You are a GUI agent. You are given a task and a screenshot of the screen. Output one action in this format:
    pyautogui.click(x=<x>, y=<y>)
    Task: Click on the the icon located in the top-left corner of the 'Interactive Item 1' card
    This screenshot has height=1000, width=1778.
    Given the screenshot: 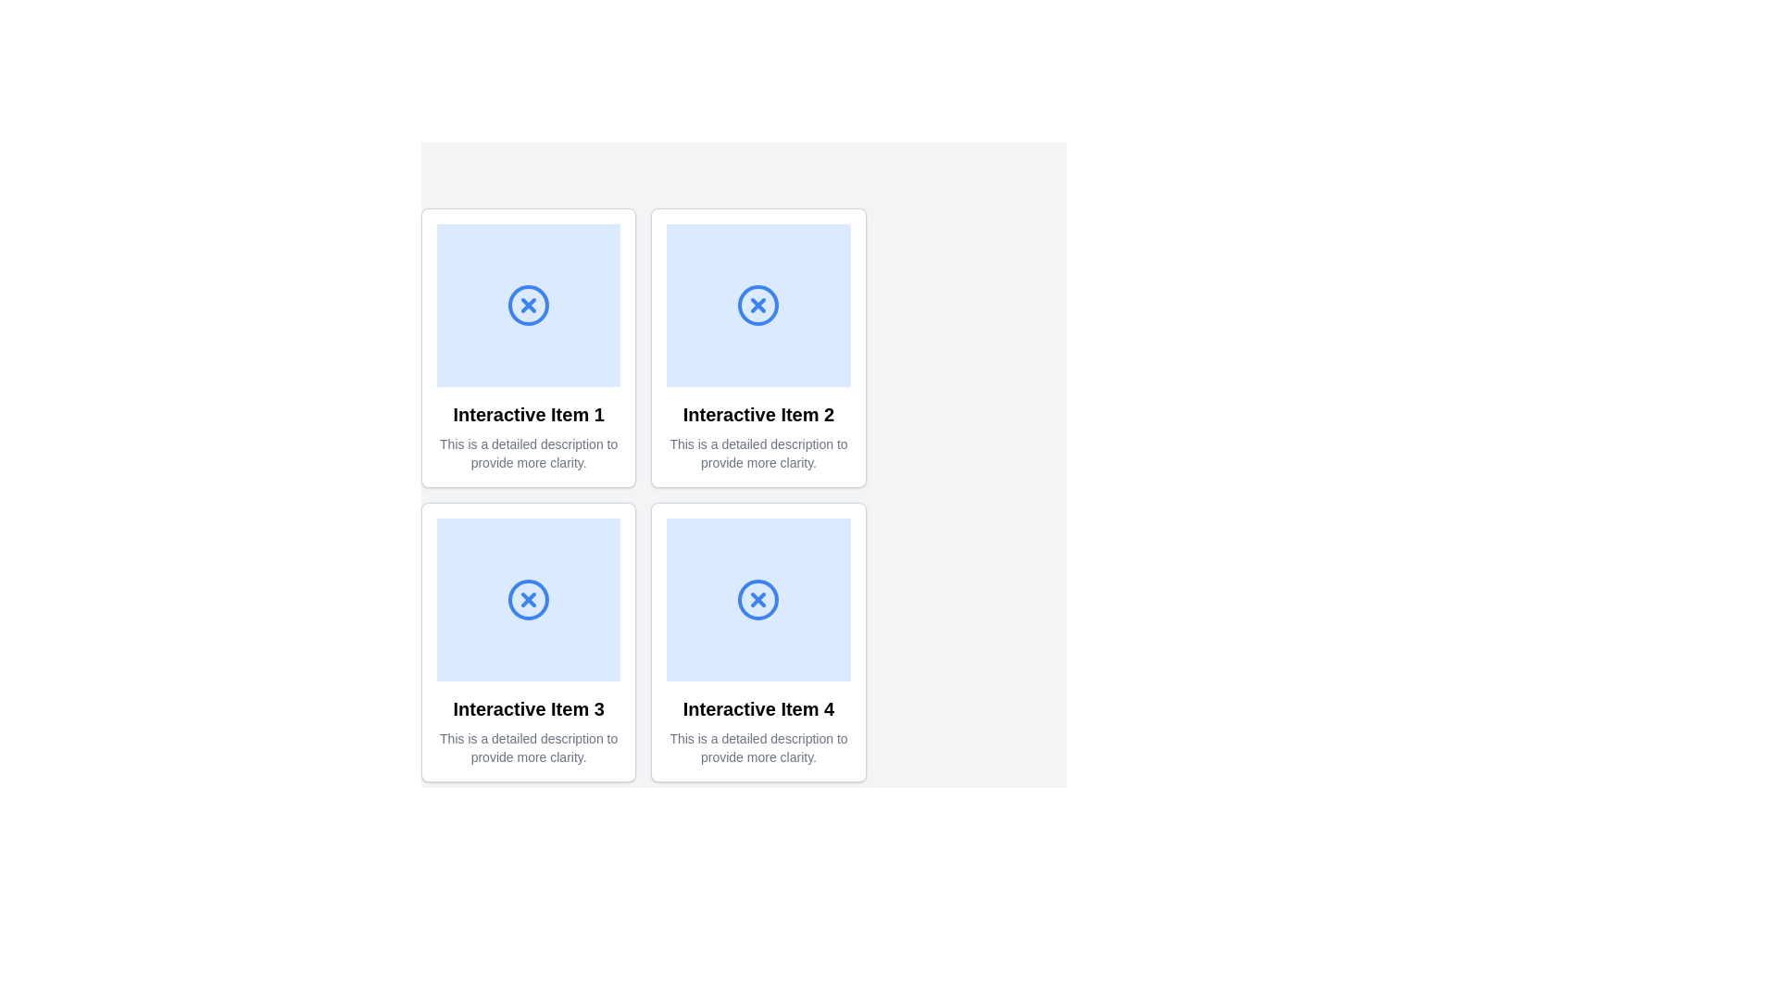 What is the action you would take?
    pyautogui.click(x=528, y=305)
    